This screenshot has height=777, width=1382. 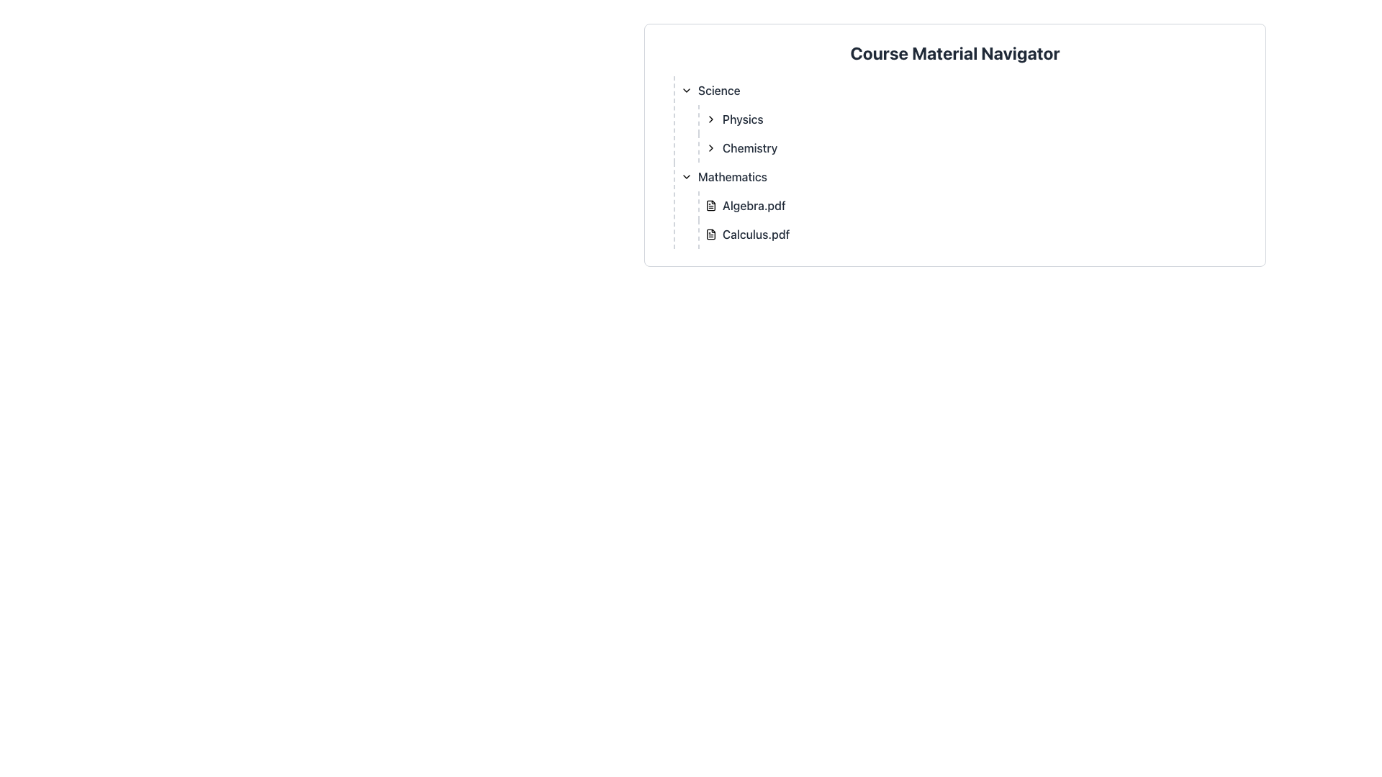 I want to click on the chevron icon, so click(x=686, y=91).